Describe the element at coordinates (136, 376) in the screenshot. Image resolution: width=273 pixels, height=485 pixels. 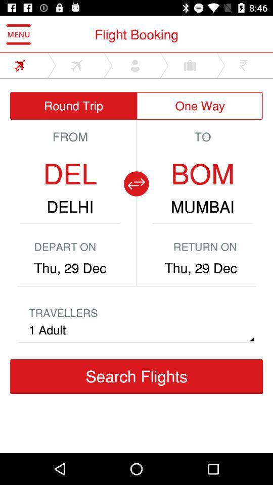
I see `search flights icon` at that location.